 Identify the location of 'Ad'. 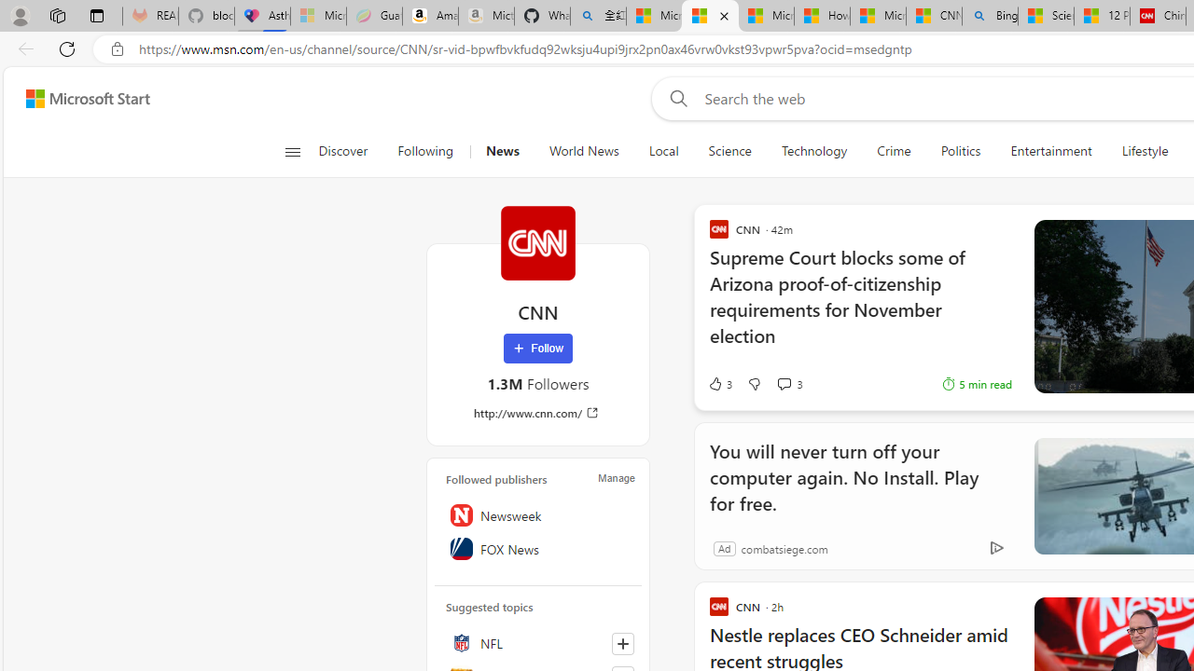
(723, 547).